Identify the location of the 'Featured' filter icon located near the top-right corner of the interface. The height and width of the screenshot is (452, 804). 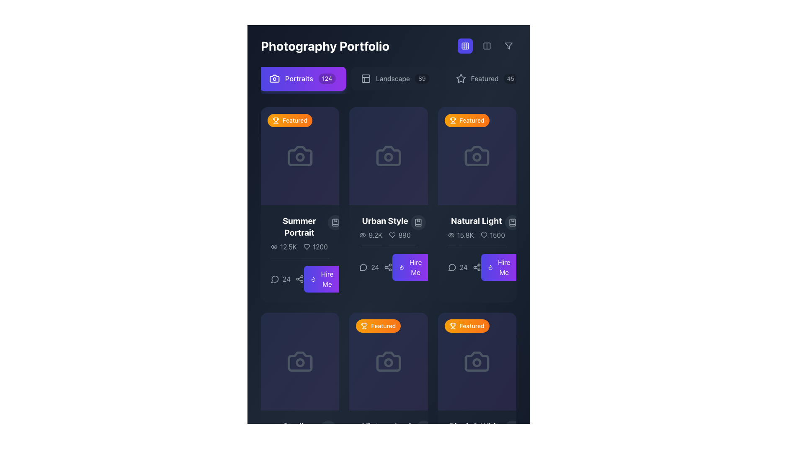
(460, 78).